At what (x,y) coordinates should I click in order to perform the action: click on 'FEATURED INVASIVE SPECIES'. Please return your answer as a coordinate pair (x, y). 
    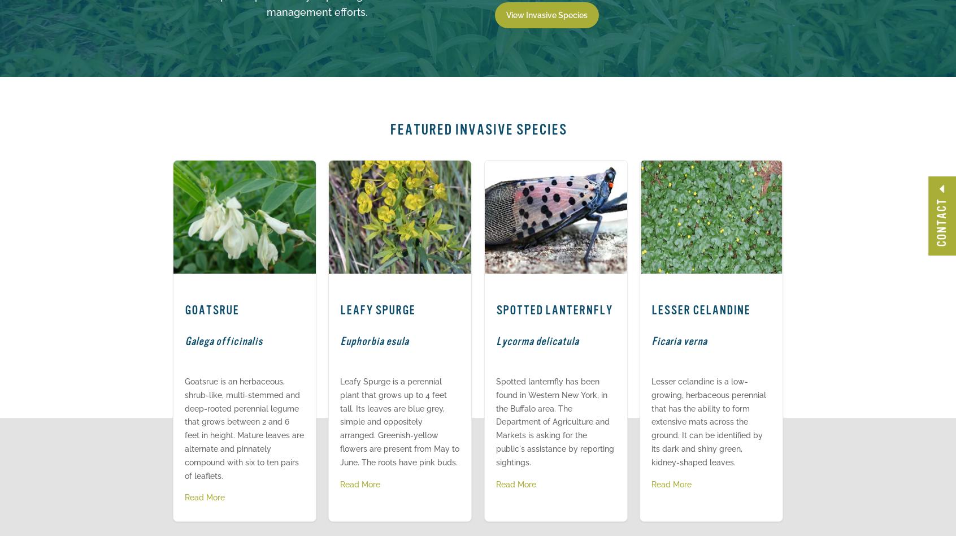
    Looking at the image, I should click on (477, 129).